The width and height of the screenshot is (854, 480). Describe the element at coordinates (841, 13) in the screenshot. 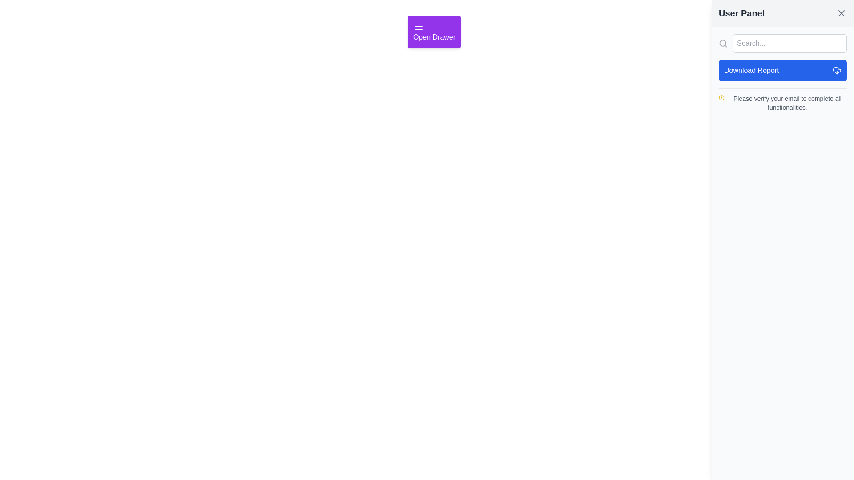

I see `the cross-shaped mark SVG icon located in the top-right corner of the User Panel` at that location.